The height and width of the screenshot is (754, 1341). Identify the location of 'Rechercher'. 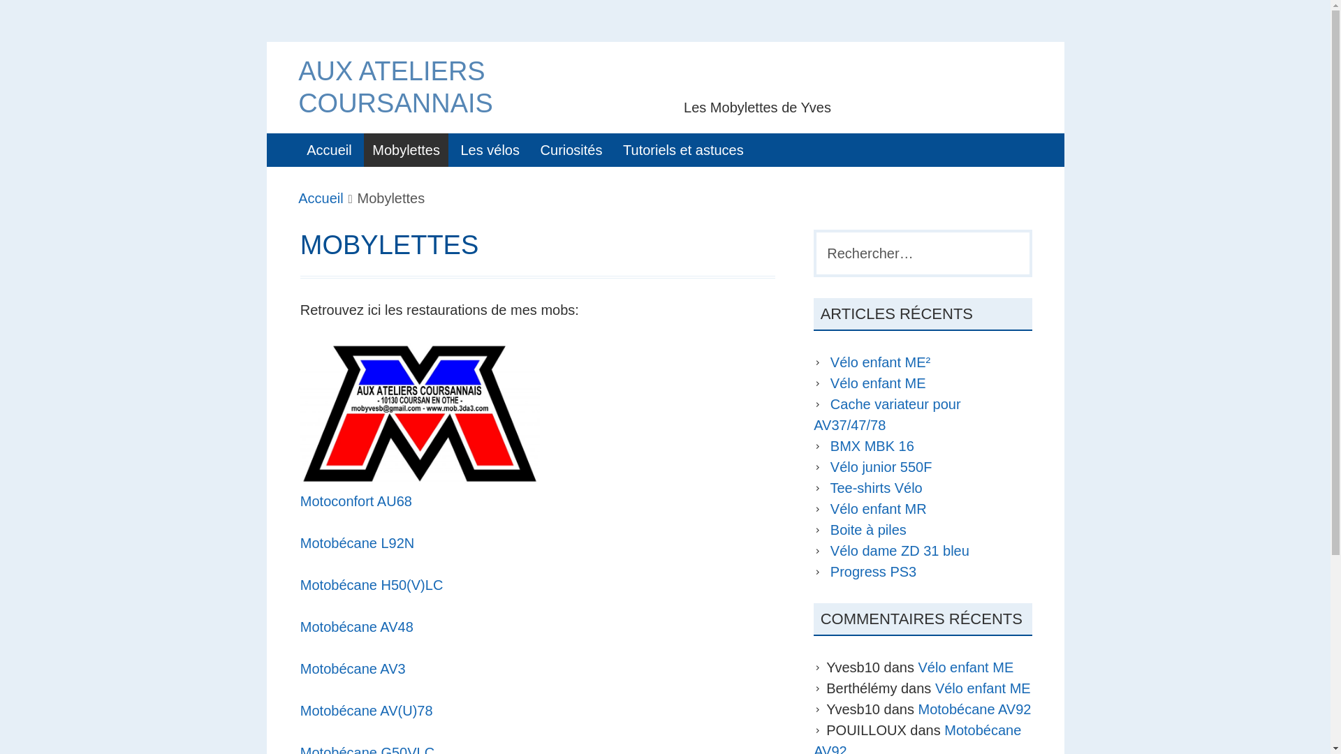
(0, 18).